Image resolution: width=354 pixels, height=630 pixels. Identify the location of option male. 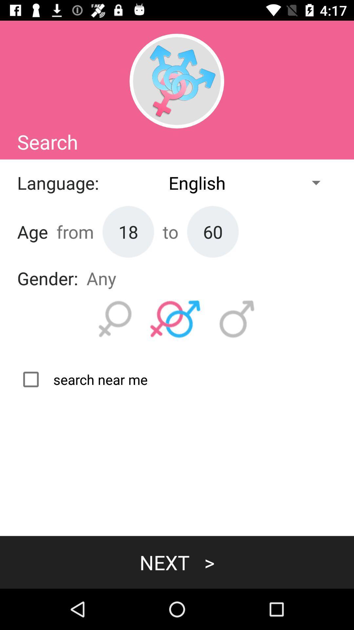
(237, 319).